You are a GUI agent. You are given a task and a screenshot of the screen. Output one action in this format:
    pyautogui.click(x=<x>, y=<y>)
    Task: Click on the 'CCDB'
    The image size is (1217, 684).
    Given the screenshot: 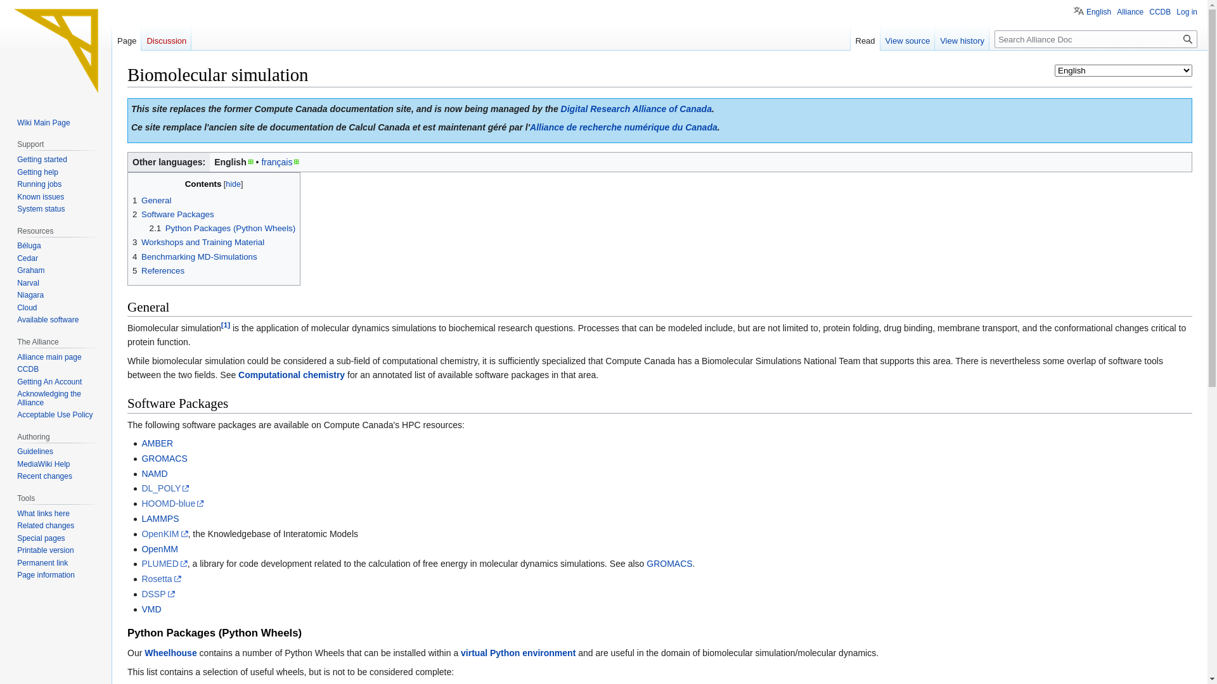 What is the action you would take?
    pyautogui.click(x=1159, y=12)
    